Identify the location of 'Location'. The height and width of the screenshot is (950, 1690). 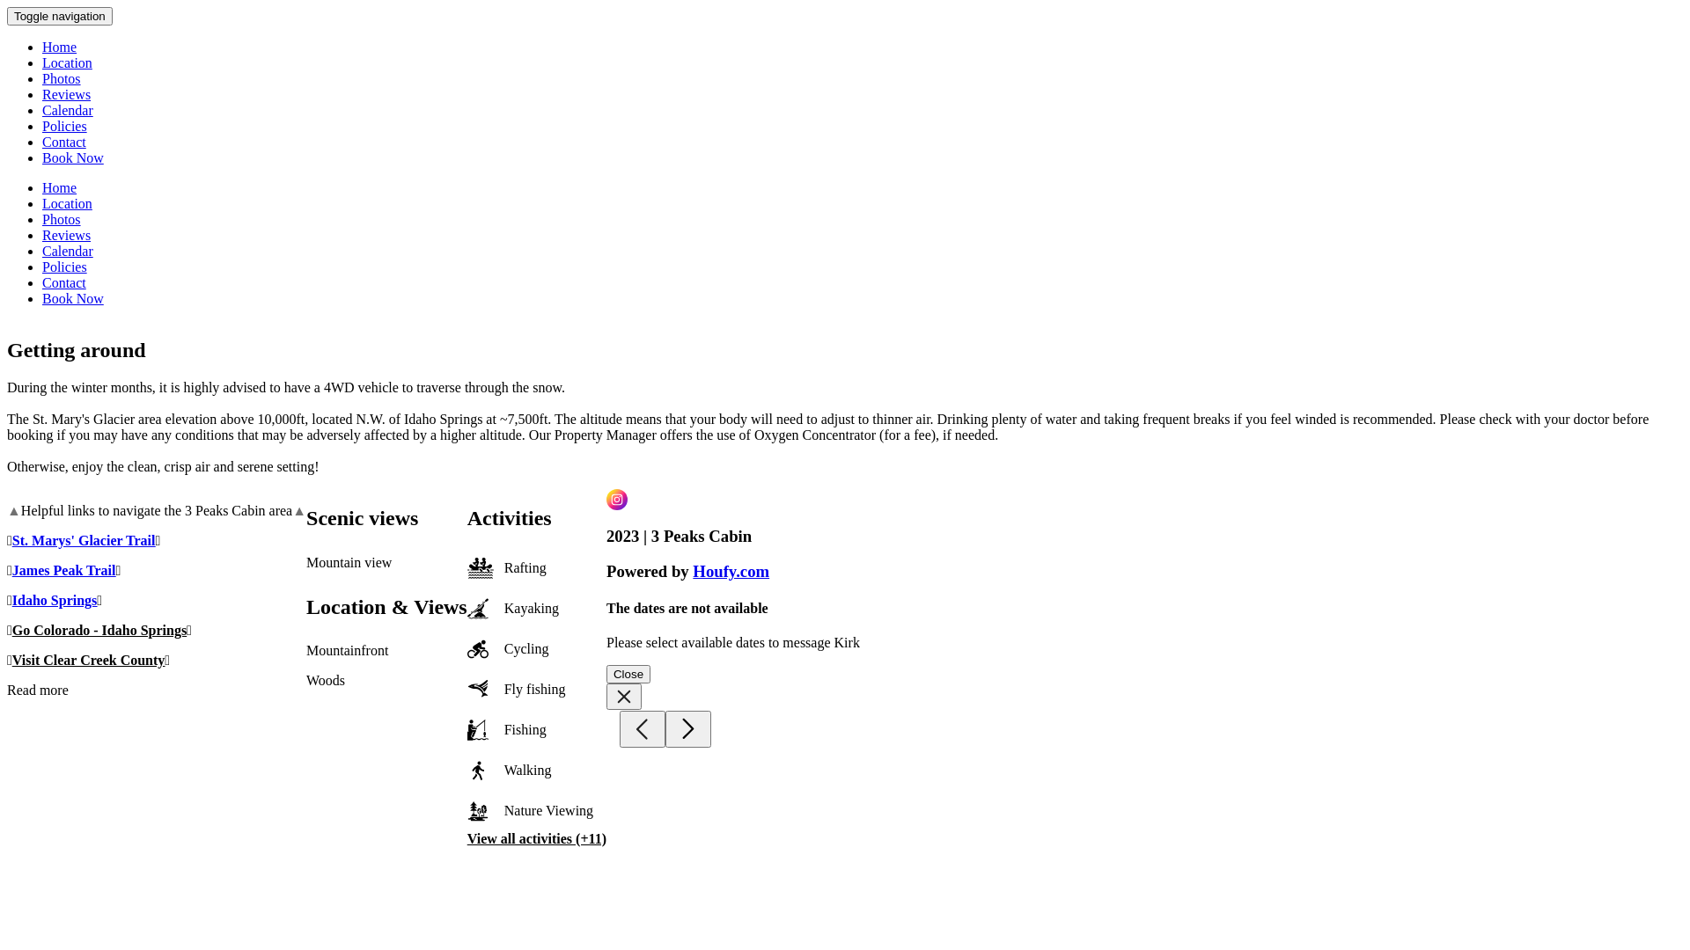
(67, 202).